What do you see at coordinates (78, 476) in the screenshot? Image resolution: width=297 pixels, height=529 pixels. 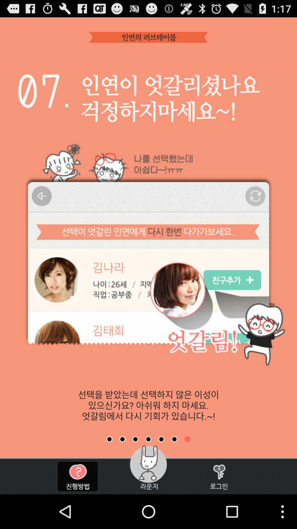 I see `help` at bounding box center [78, 476].